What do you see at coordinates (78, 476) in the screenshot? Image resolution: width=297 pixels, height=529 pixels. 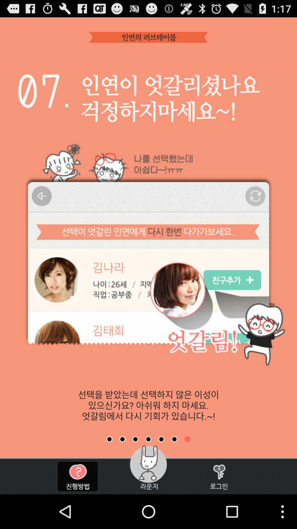 I see `help` at bounding box center [78, 476].